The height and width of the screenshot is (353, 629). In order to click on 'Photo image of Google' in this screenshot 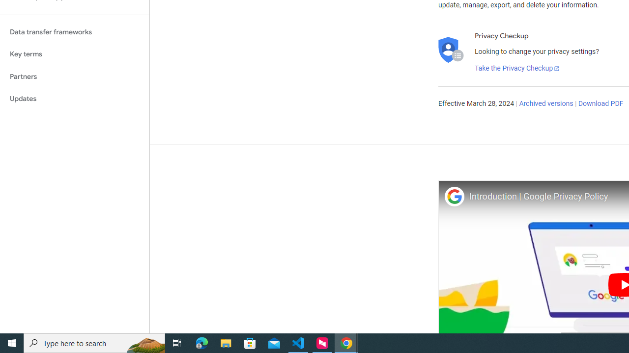, I will do `click(454, 196)`.